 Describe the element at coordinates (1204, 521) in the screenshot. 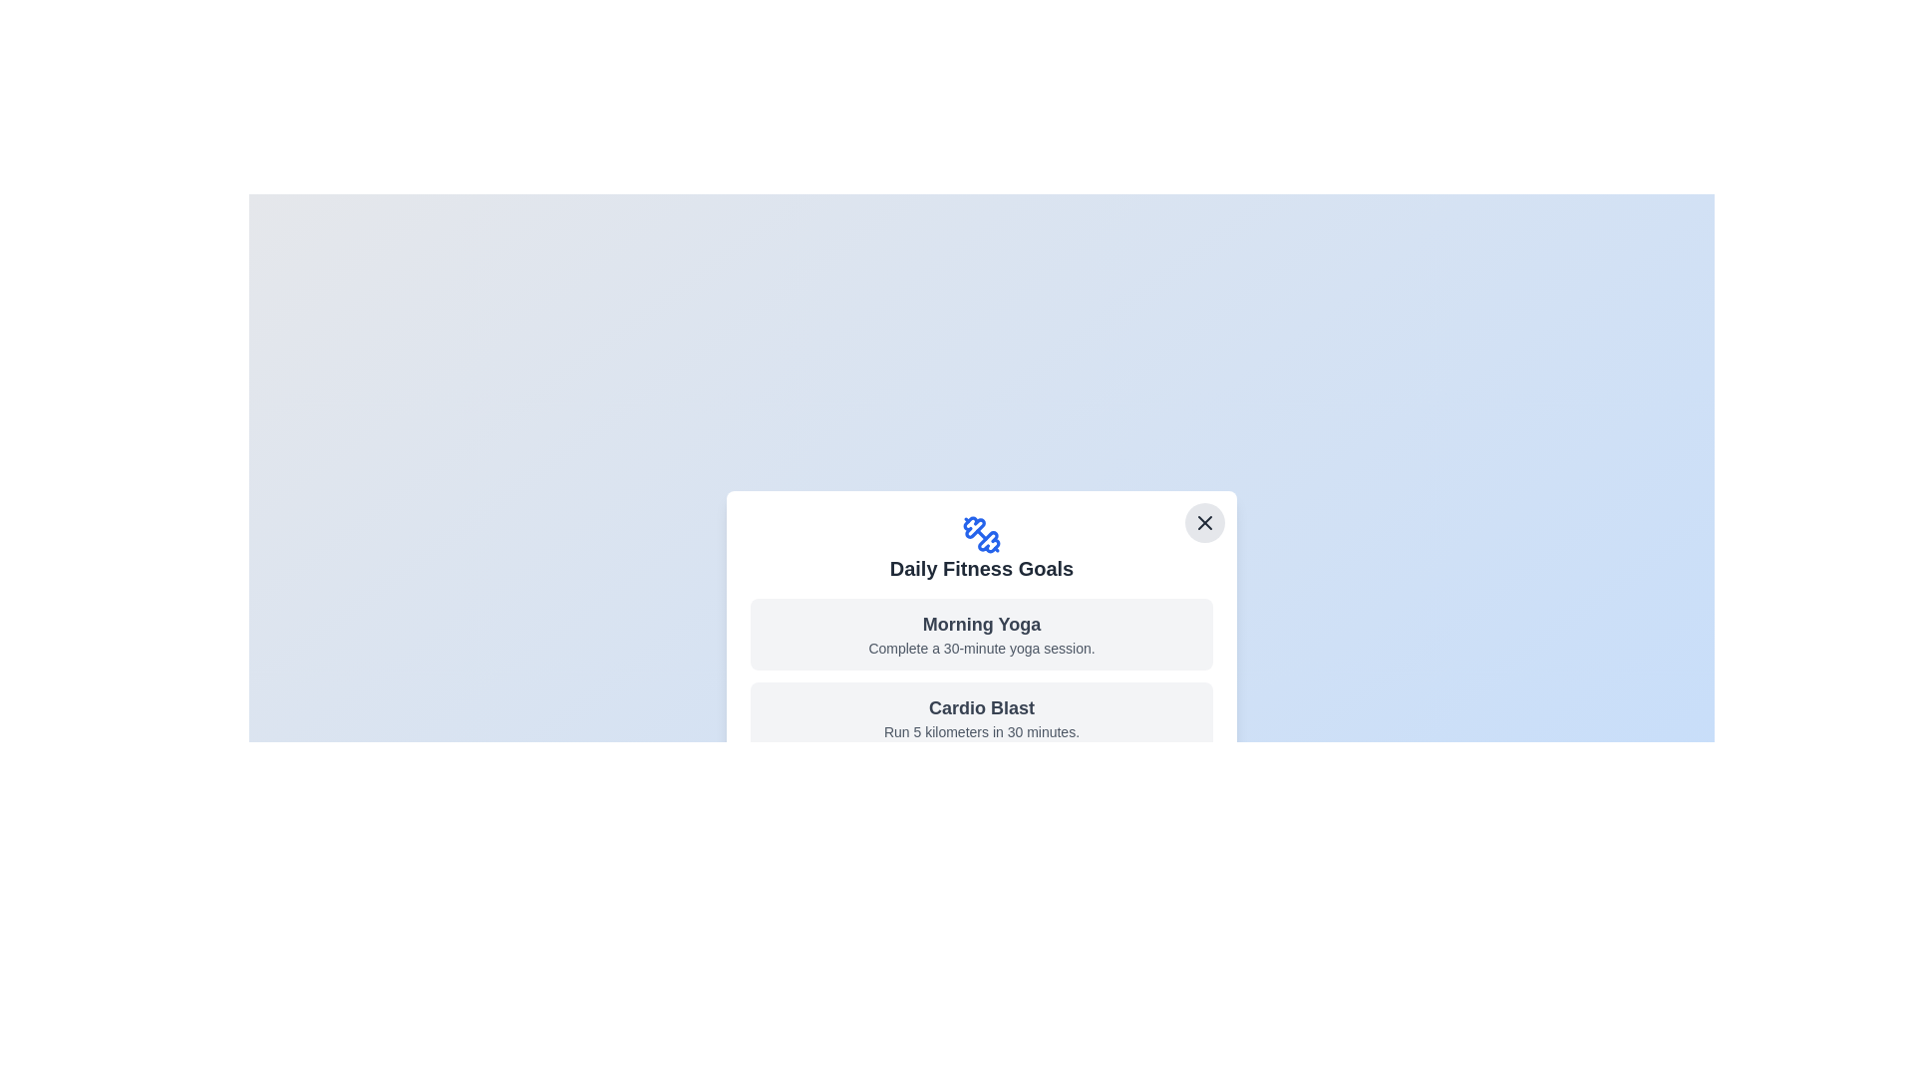

I see `the close icon button, which is an 'X' styled graphic located at the top-right corner of the 'Daily Fitness Goals' modal dialog` at that location.